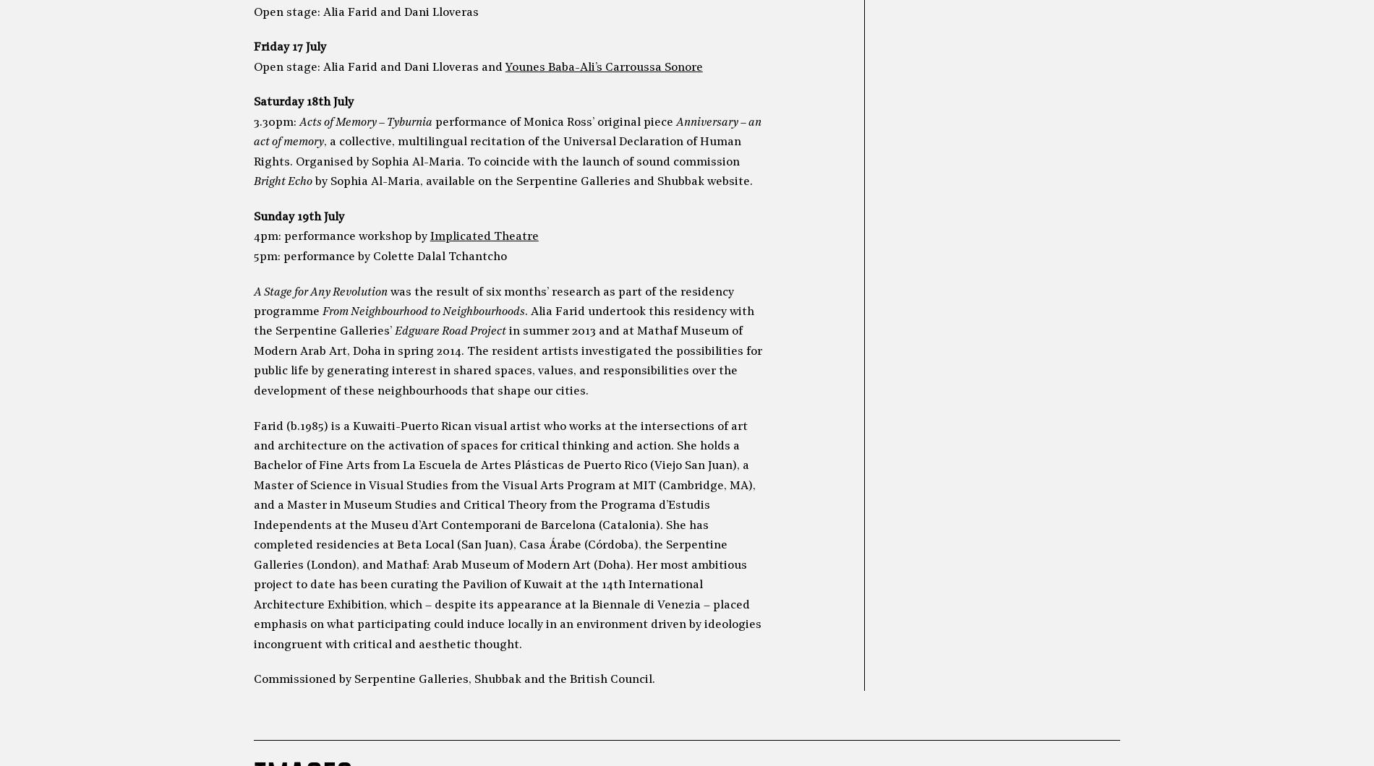  I want to click on 'Bright Echo', so click(281, 181).